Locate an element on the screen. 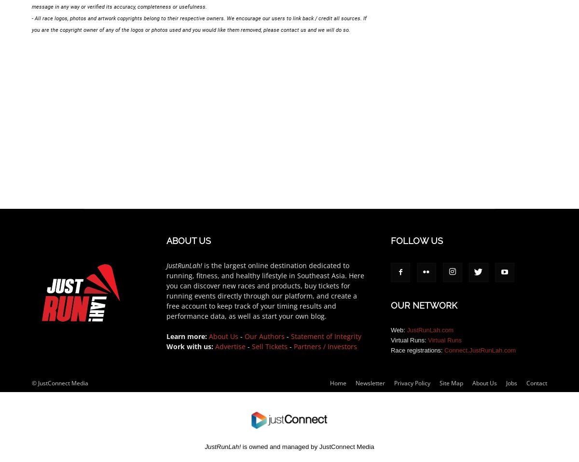 Image resolution: width=579 pixels, height=462 pixels. 'Learn more:' is located at coordinates (187, 335).